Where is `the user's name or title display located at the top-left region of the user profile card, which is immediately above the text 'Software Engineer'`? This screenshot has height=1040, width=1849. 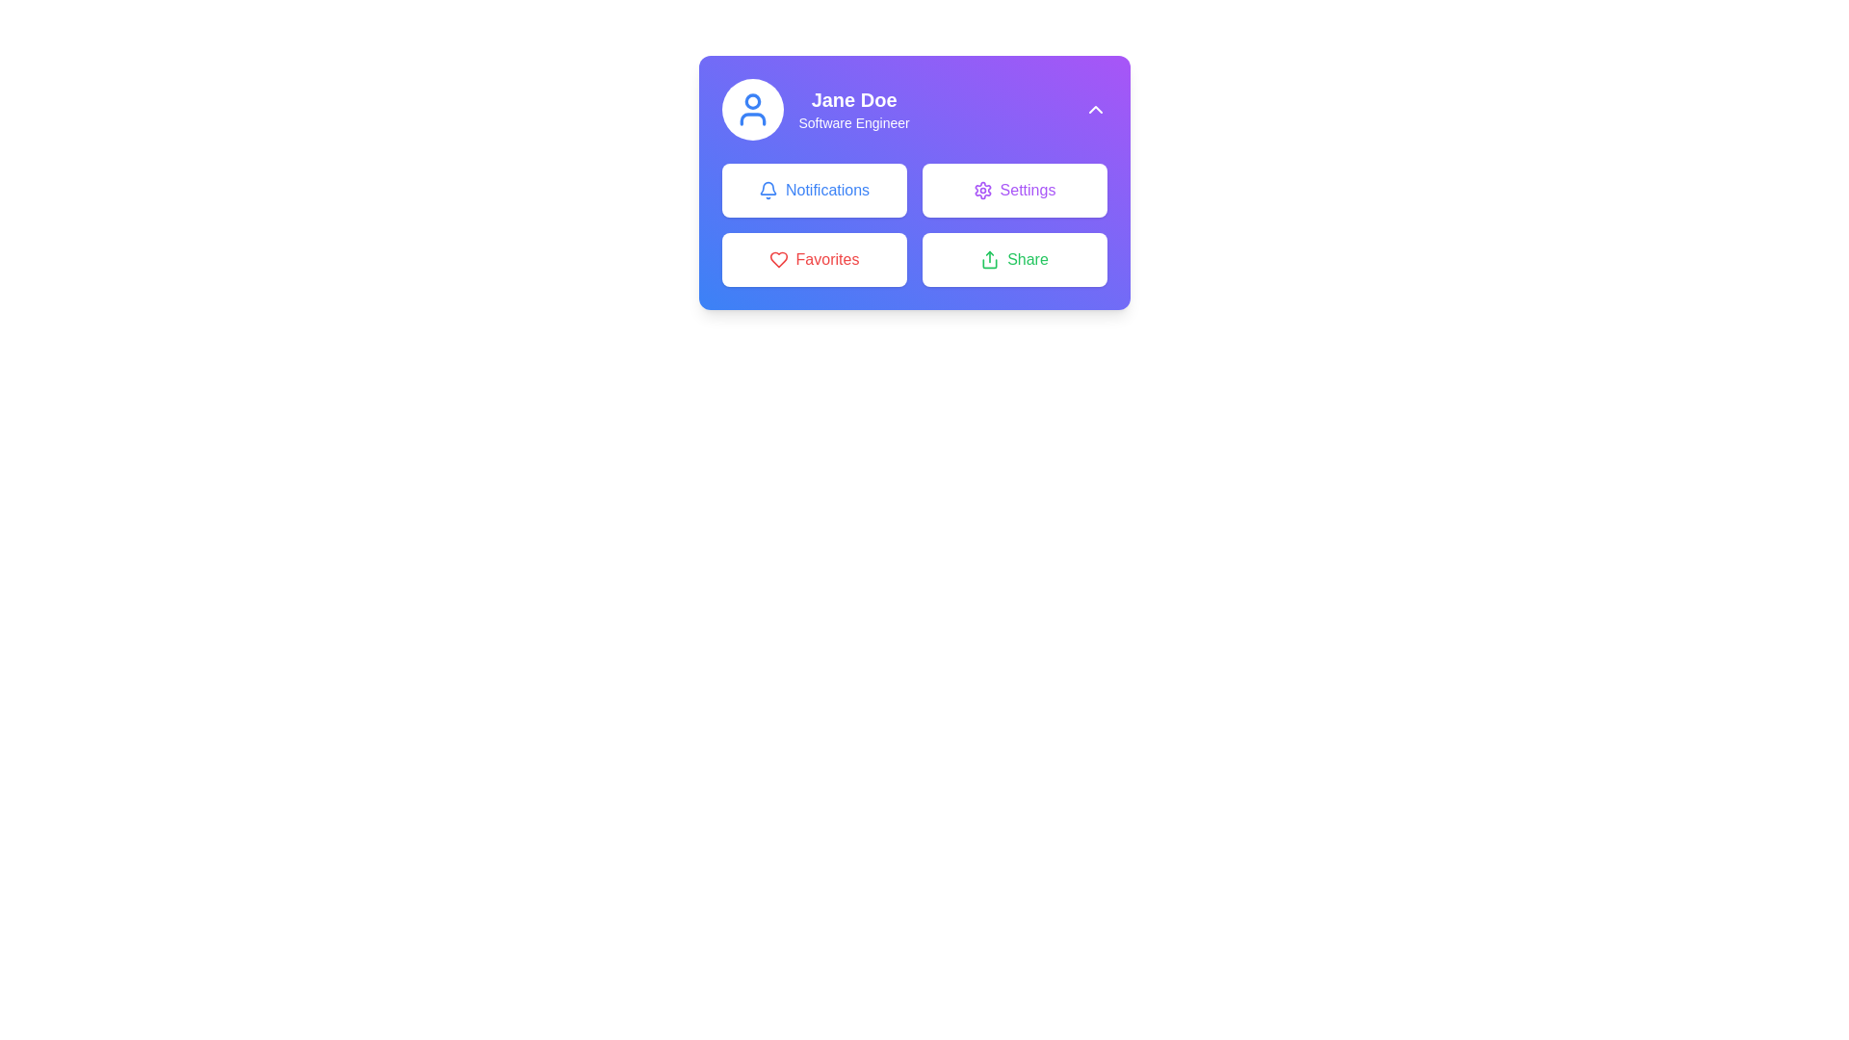
the user's name or title display located at the top-left region of the user profile card, which is immediately above the text 'Software Engineer' is located at coordinates (853, 100).